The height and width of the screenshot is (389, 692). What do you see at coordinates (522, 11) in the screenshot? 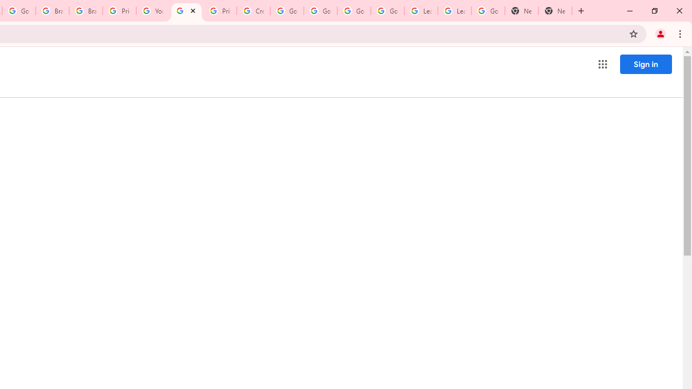
I see `'New Tab'` at bounding box center [522, 11].